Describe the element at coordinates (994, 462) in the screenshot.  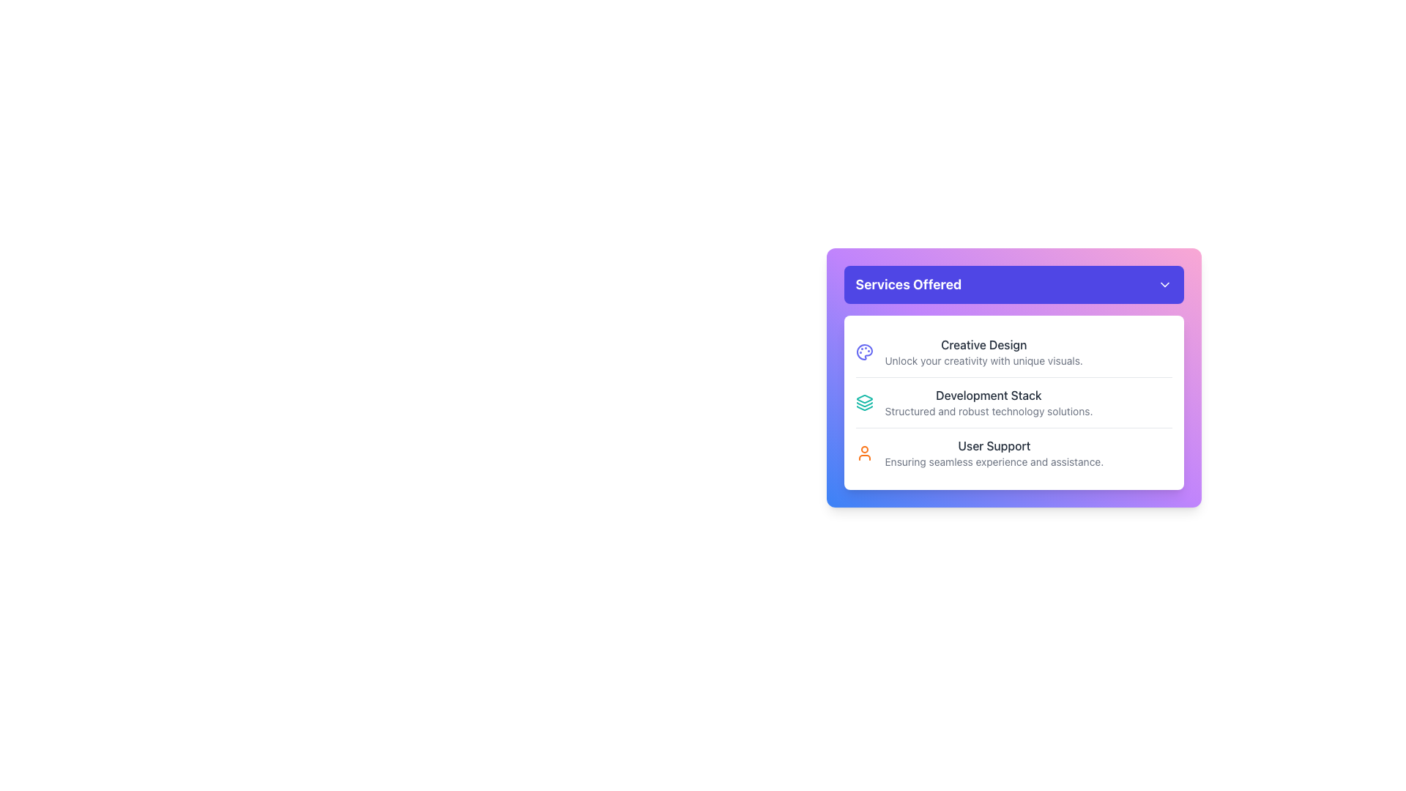
I see `the text label reading 'Ensuring seamless experience and assistance.' located below 'User Support' within the 'Services Offered' card` at that location.